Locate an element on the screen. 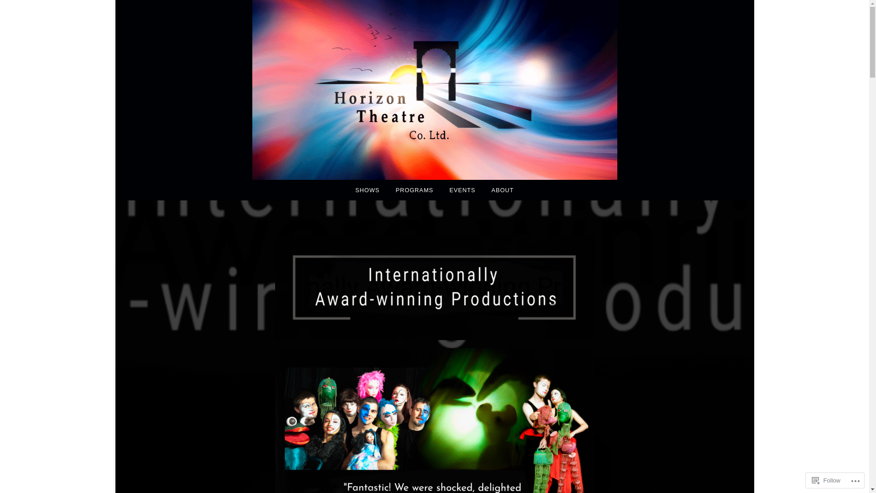 The image size is (876, 493). 'SHOWS' is located at coordinates (348, 189).